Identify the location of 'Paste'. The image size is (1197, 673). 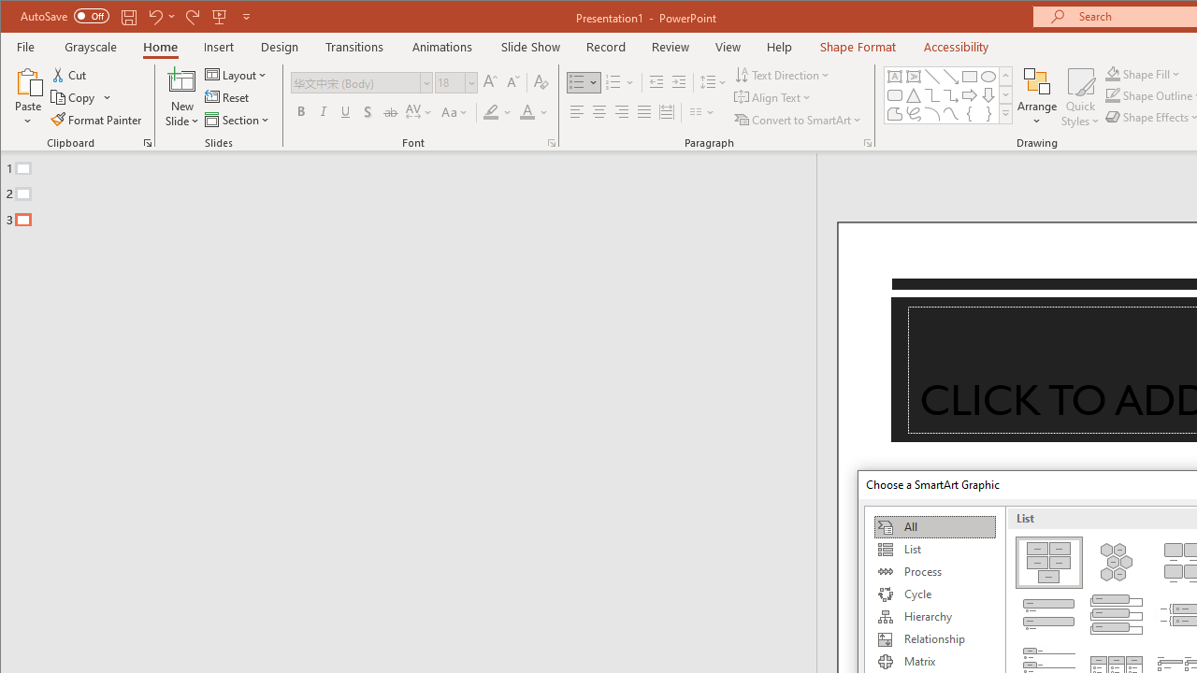
(28, 79).